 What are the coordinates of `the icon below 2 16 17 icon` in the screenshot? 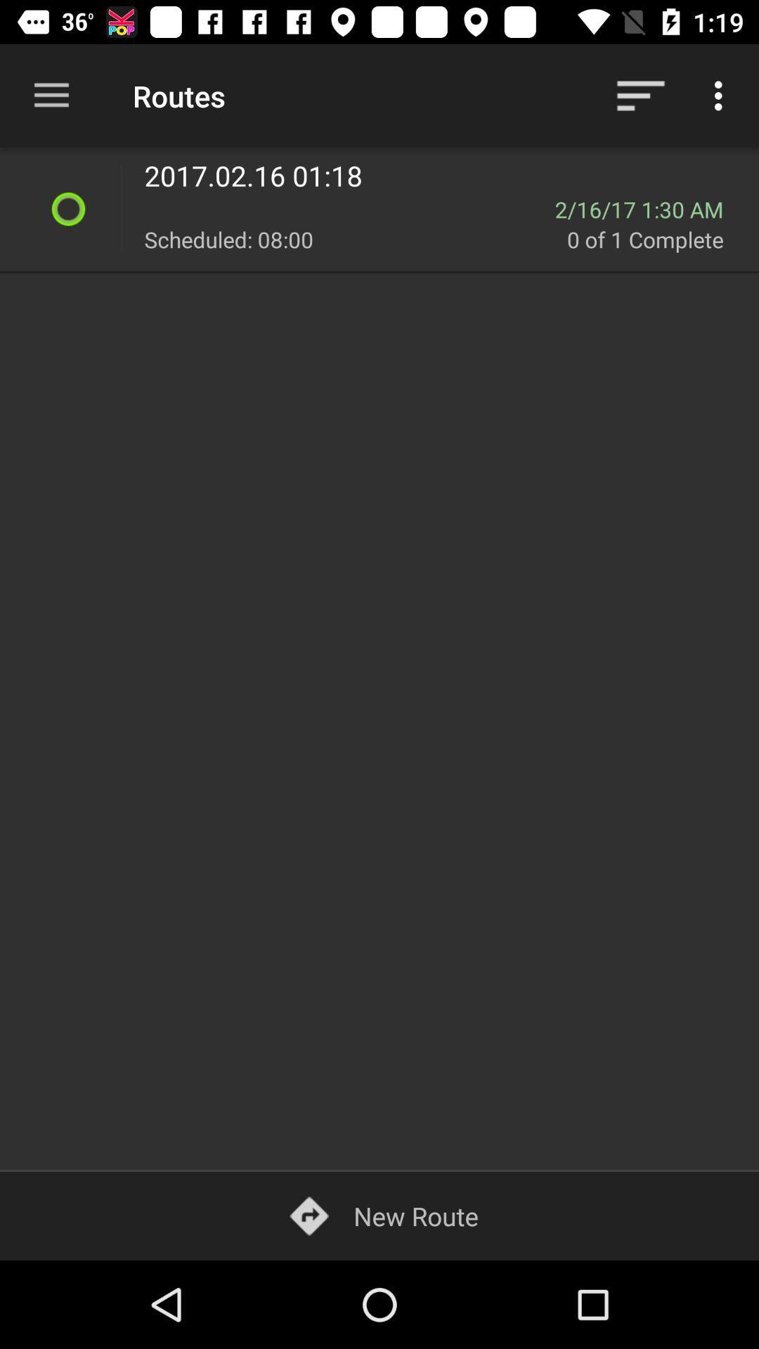 It's located at (654, 239).